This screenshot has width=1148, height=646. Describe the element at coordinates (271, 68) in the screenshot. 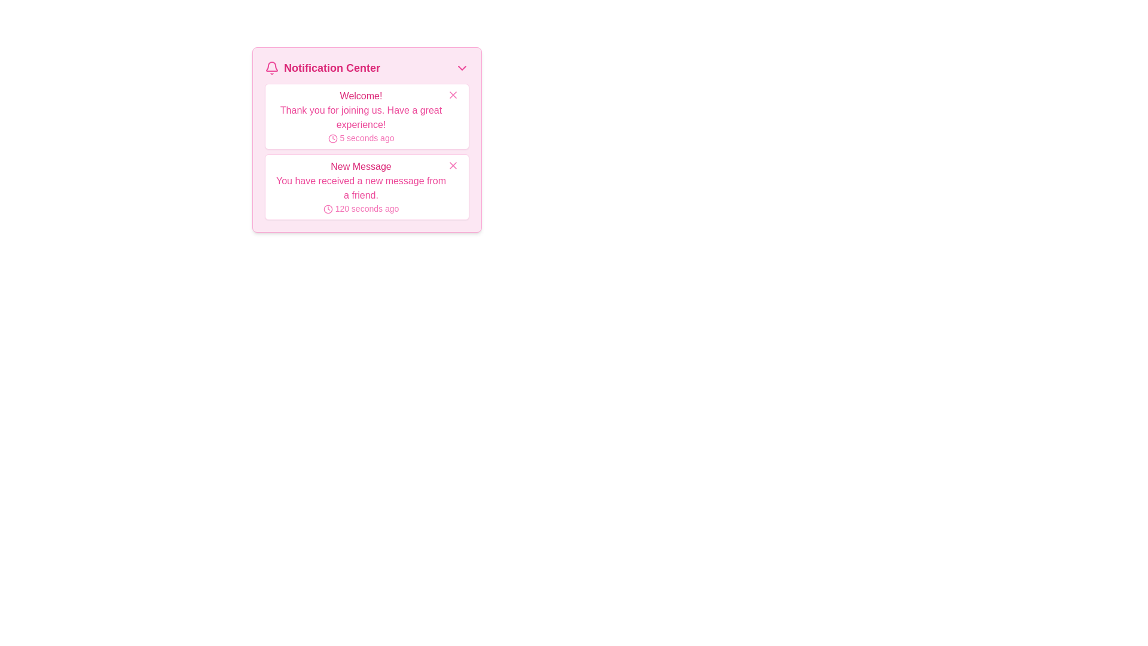

I see `the notification icon located to the left of the 'Notification Center' title in the header section` at that location.